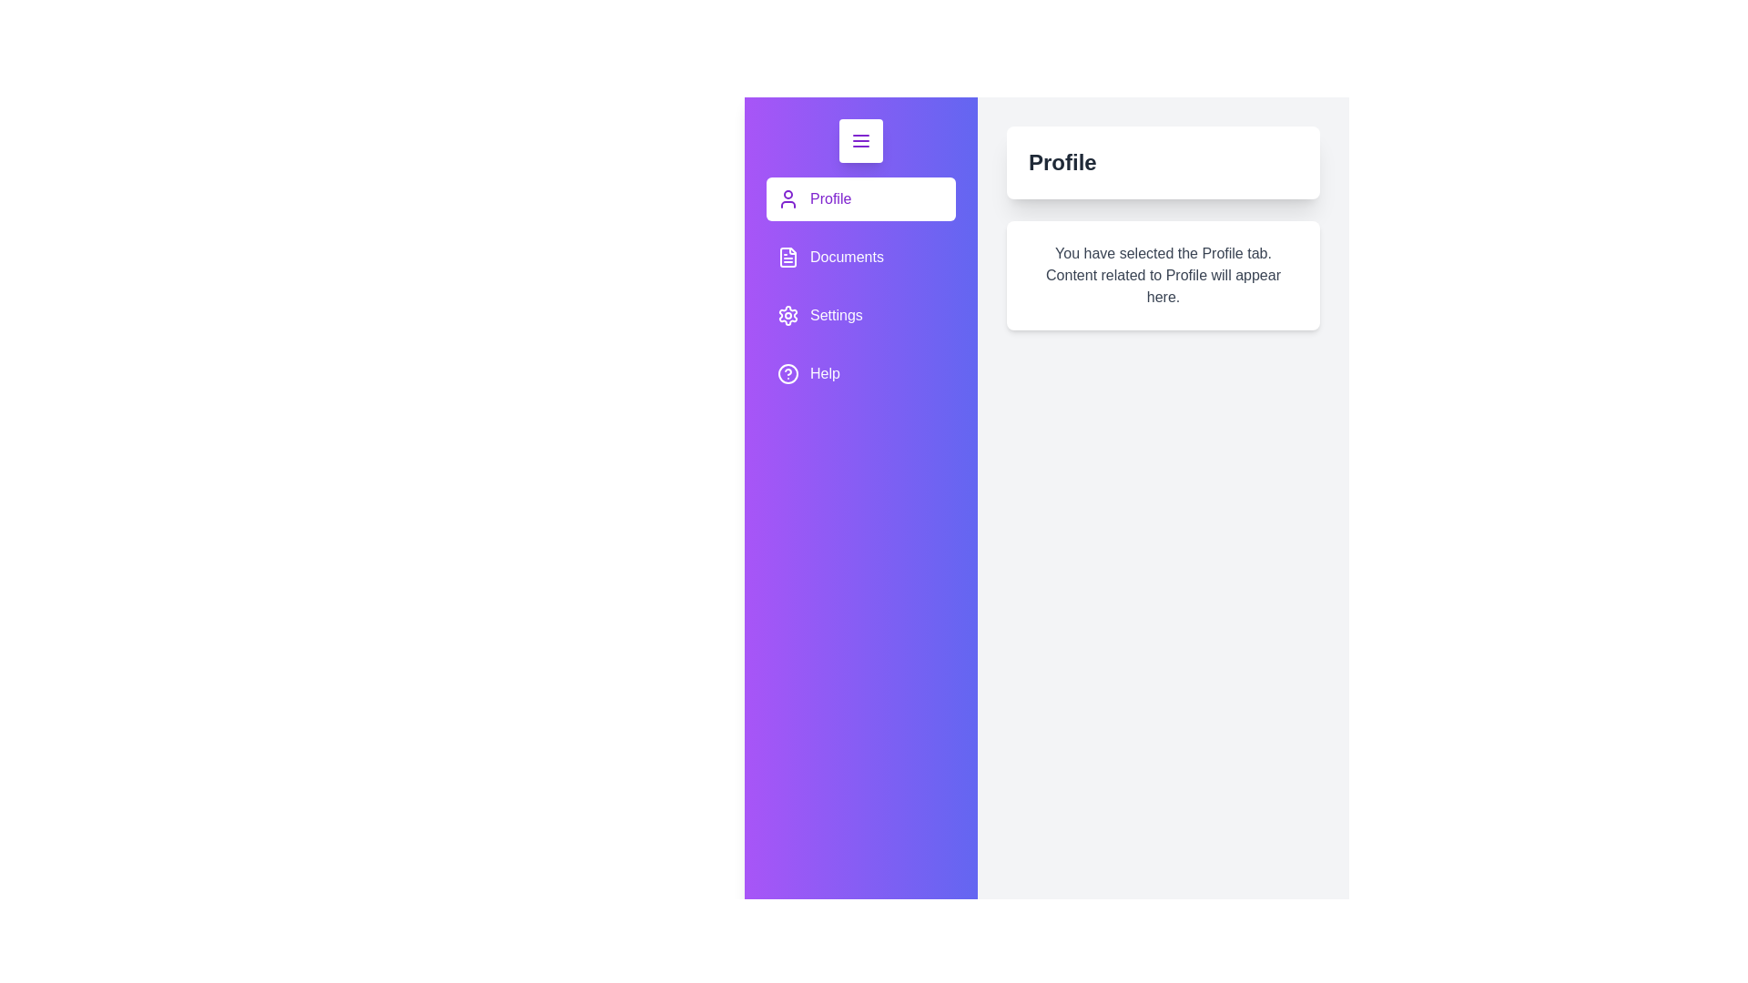 The image size is (1748, 983). Describe the element at coordinates (859, 315) in the screenshot. I see `the Settings tab to view its content` at that location.